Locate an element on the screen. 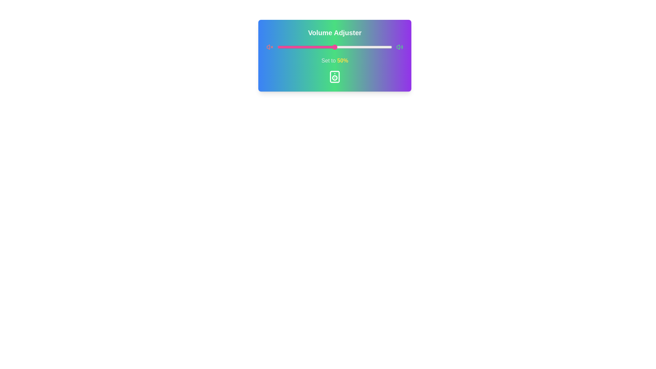 This screenshot has height=369, width=656. the mute icon located to the left of the volume slider is located at coordinates (270, 47).